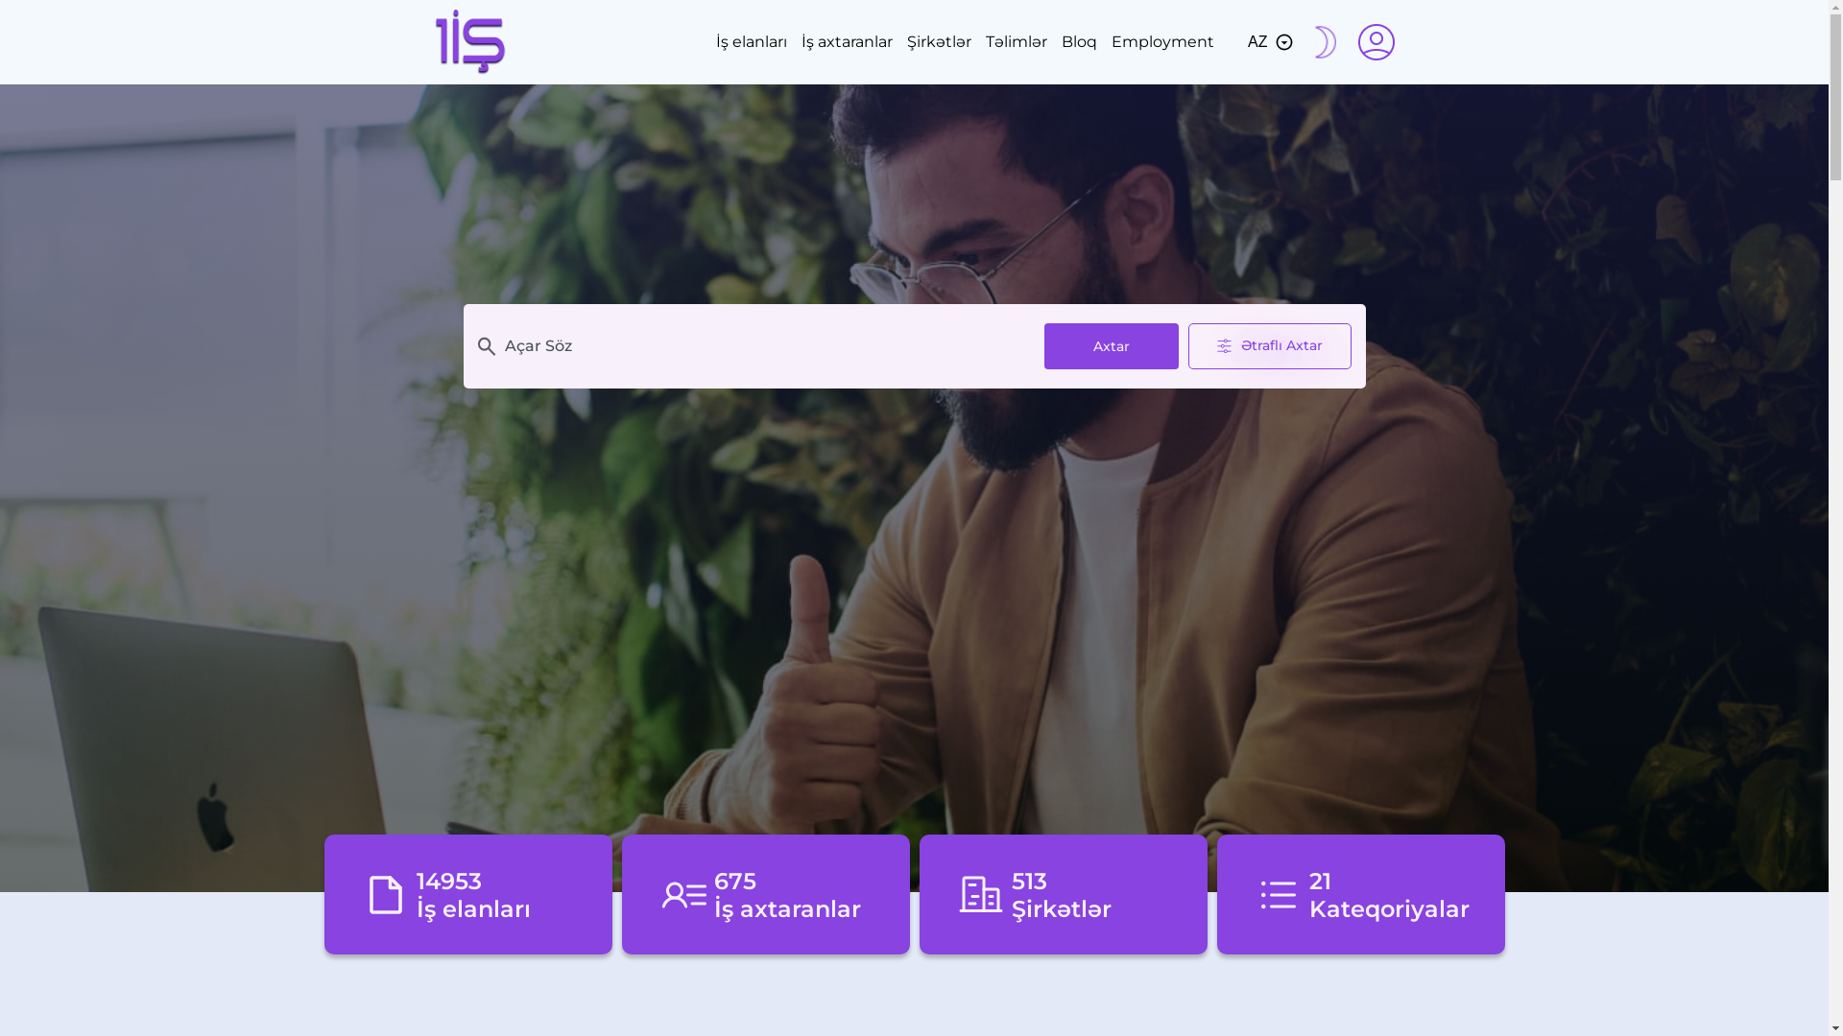 This screenshot has height=1036, width=1843. What do you see at coordinates (1079, 41) in the screenshot?
I see `'Bloq'` at bounding box center [1079, 41].